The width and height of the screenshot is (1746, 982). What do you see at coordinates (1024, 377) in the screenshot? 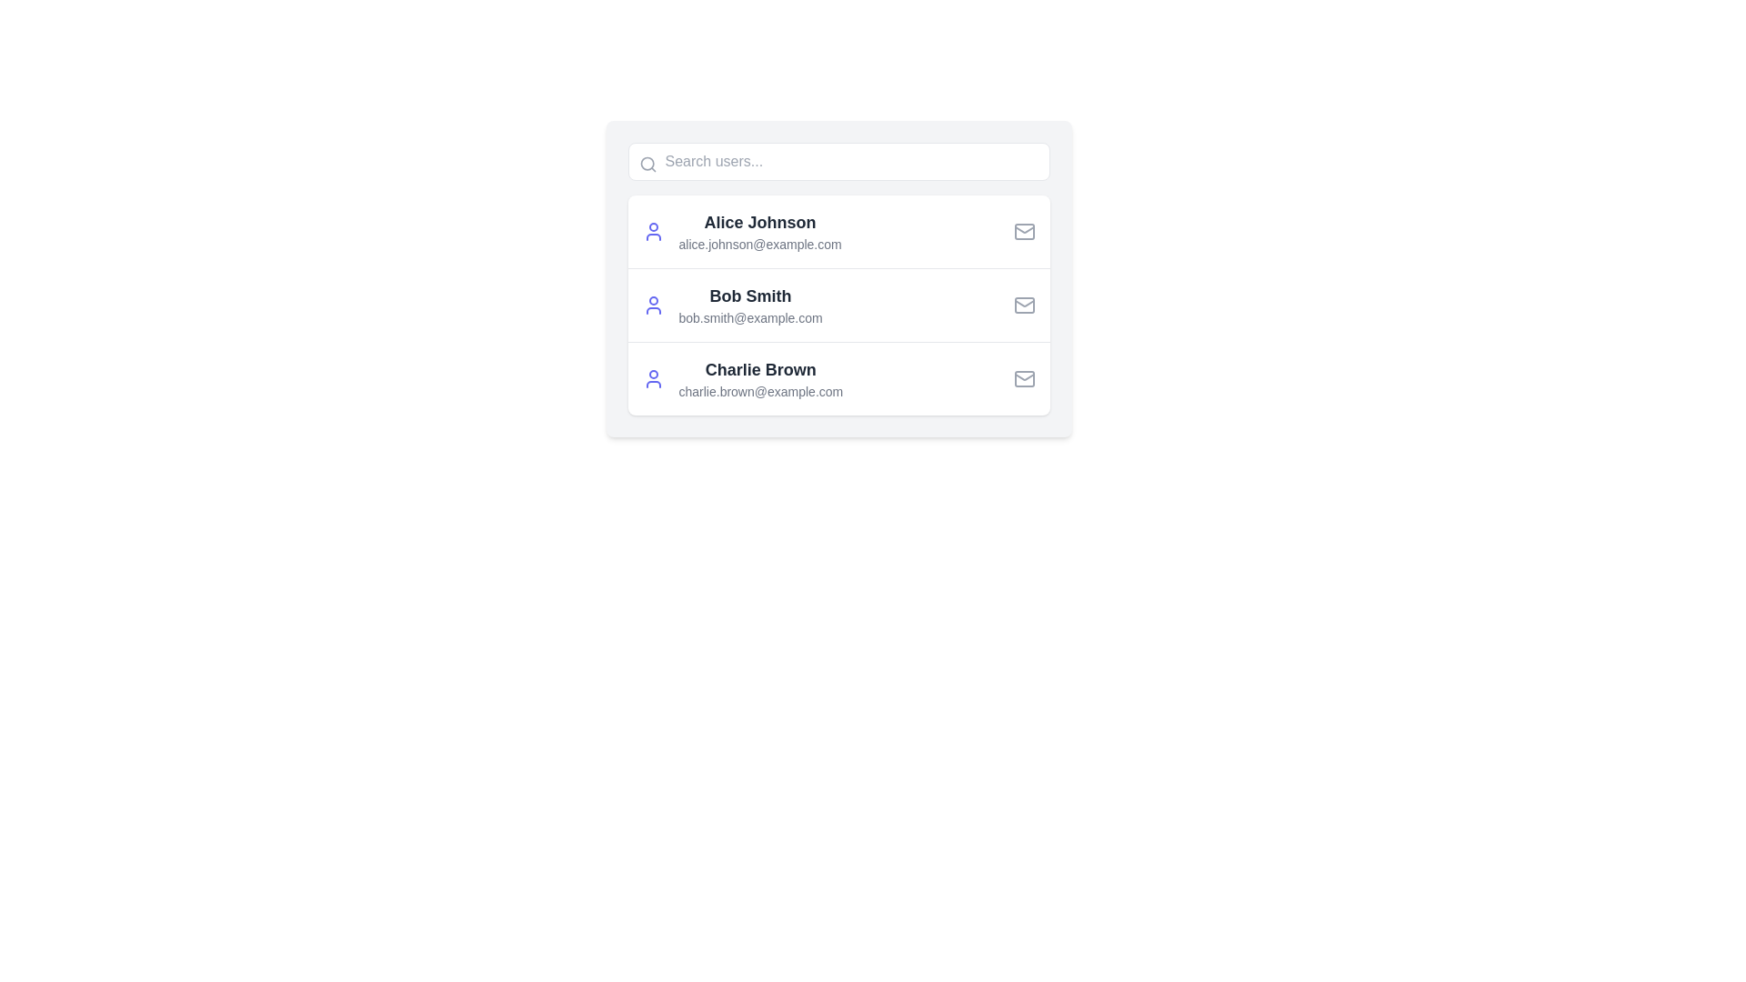
I see `the mail icon located on the right side of the user information row for 'Charlie Brown' (third row)` at bounding box center [1024, 377].